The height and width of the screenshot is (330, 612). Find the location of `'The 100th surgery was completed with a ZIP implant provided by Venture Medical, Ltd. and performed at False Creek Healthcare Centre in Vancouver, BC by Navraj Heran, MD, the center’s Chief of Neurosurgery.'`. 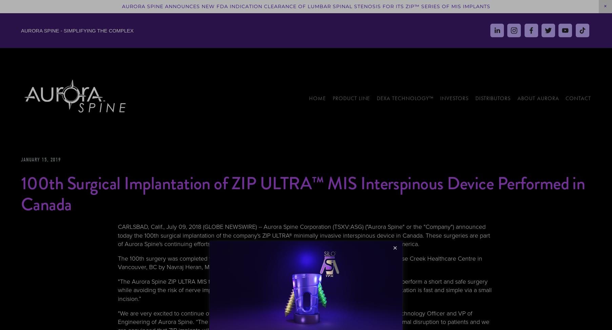

'The 100th surgery was completed with a ZIP implant provided by Venture Medical, Ltd. and performed at False Creek Healthcare Centre in Vancouver, BC by Navraj Heran, MD, the center’s Chief of Neurosurgery.' is located at coordinates (300, 262).